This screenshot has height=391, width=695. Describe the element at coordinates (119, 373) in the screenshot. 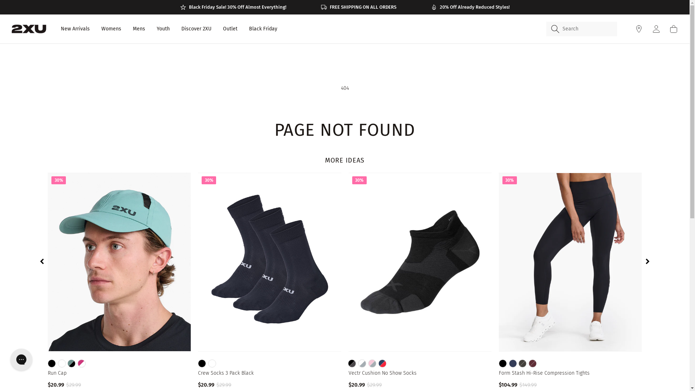

I see `'Run Cap'` at that location.